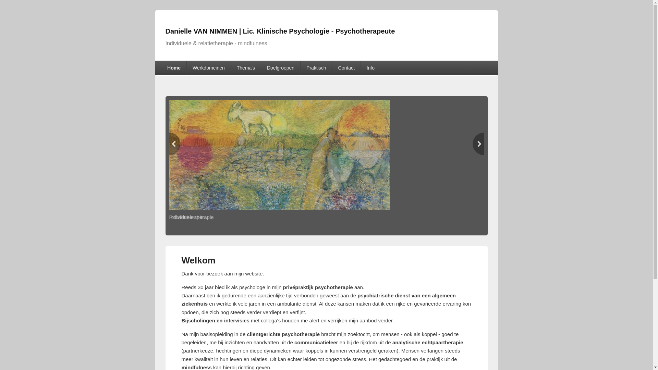 This screenshot has width=658, height=370. Describe the element at coordinates (246, 67) in the screenshot. I see `'Thema's'` at that location.